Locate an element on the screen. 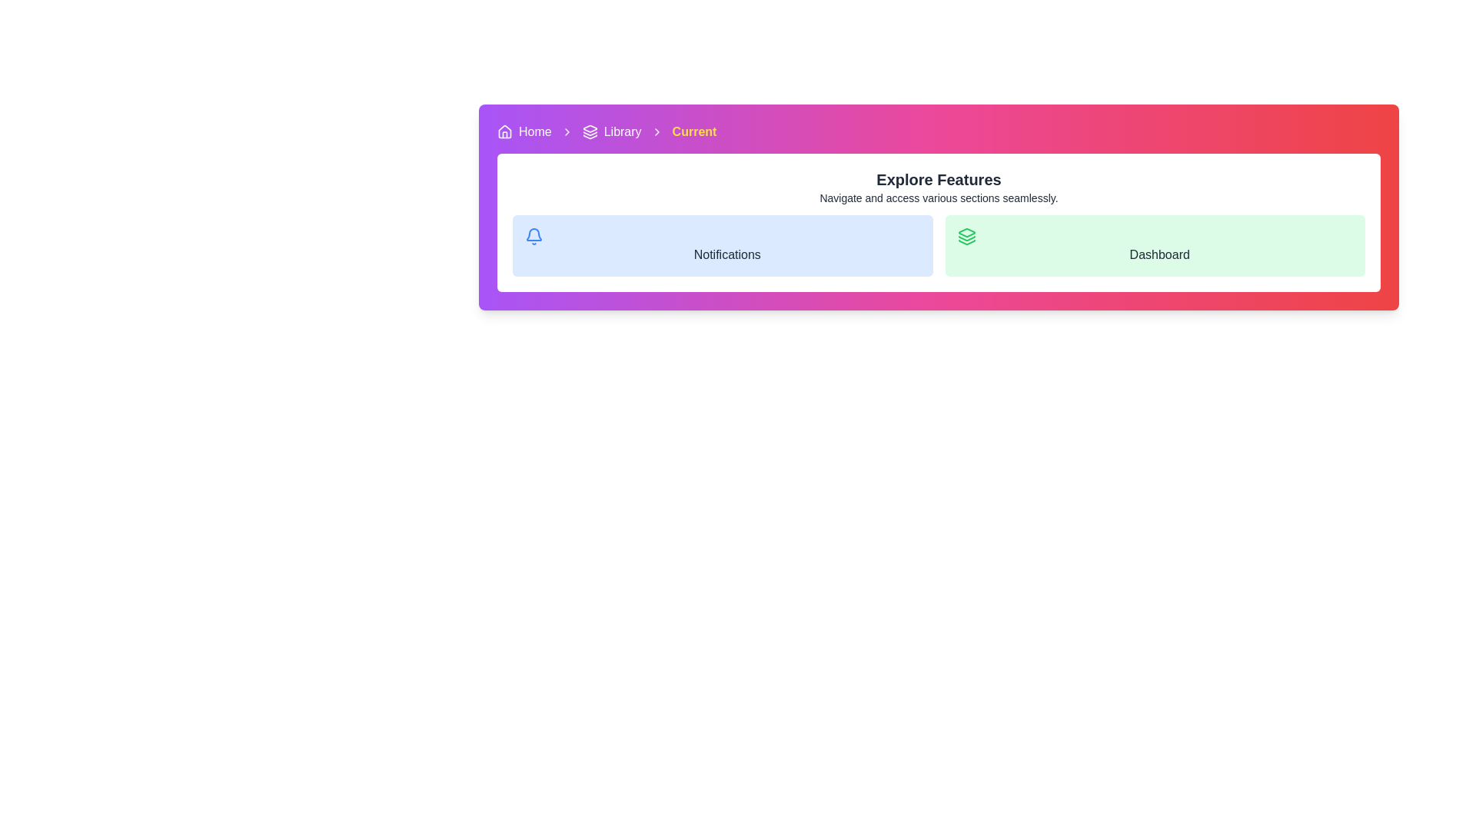 This screenshot has height=830, width=1476. the middle layer of the stacked icon in the top navigation bar, which is styled with clean geometric lines and outlined appearance is located at coordinates (589, 133).